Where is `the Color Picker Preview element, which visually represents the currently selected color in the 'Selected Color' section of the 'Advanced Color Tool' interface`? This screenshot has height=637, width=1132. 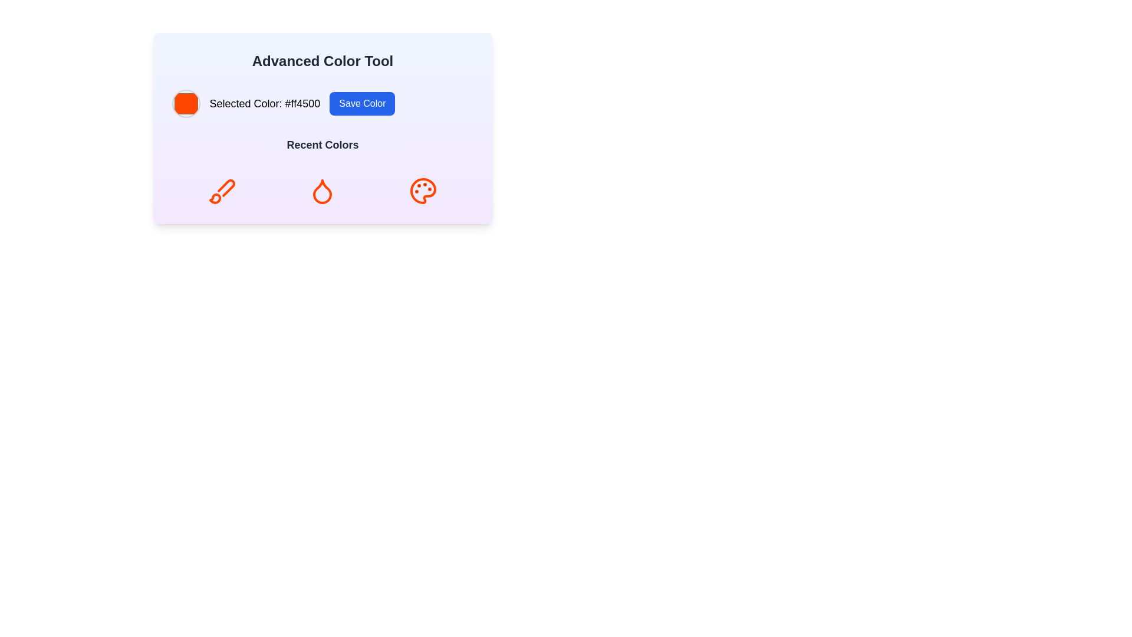 the Color Picker Preview element, which visually represents the currently selected color in the 'Selected Color' section of the 'Advanced Color Tool' interface is located at coordinates (185, 103).